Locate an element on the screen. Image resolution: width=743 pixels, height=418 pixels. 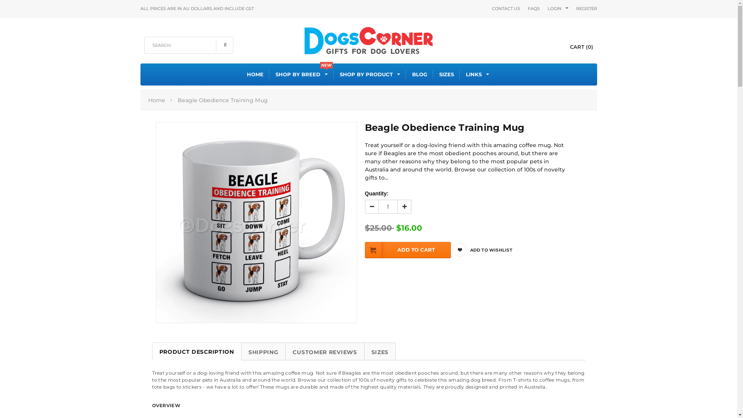
'Add to Cart' is located at coordinates (407, 250).